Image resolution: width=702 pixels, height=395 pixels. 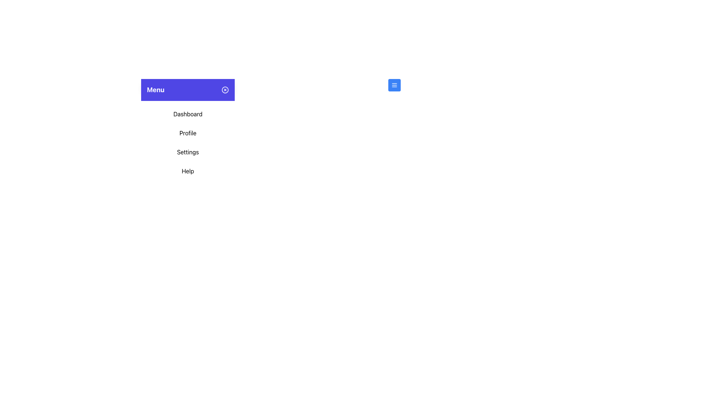 I want to click on the close icon button located in the top-right corner of the purple 'Menu' header, so click(x=224, y=90).